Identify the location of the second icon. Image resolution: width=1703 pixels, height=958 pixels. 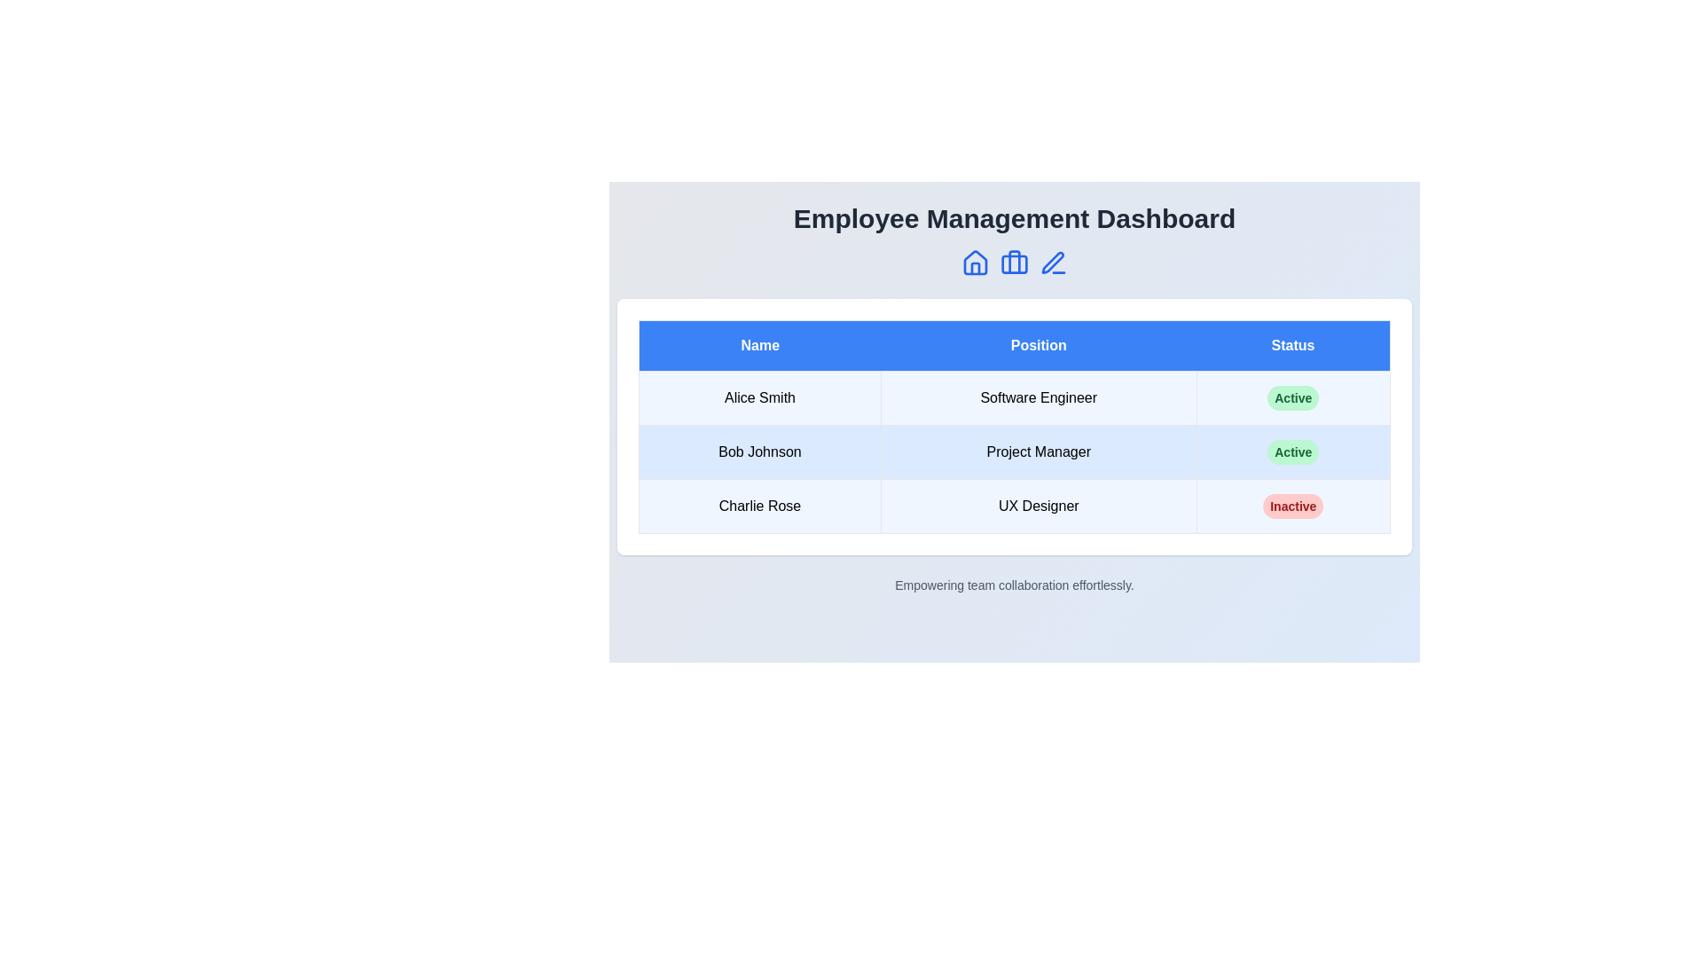
(1014, 263).